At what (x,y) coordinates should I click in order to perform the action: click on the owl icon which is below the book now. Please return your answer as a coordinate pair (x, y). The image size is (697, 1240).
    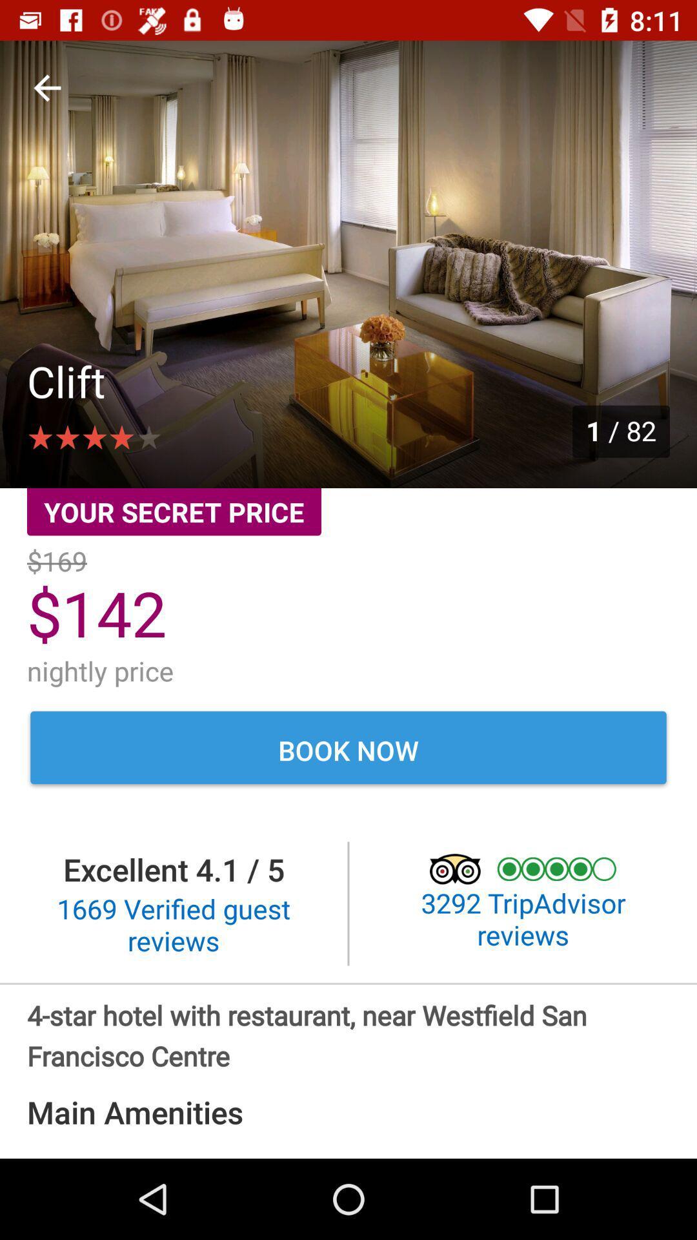
    Looking at the image, I should click on (463, 869).